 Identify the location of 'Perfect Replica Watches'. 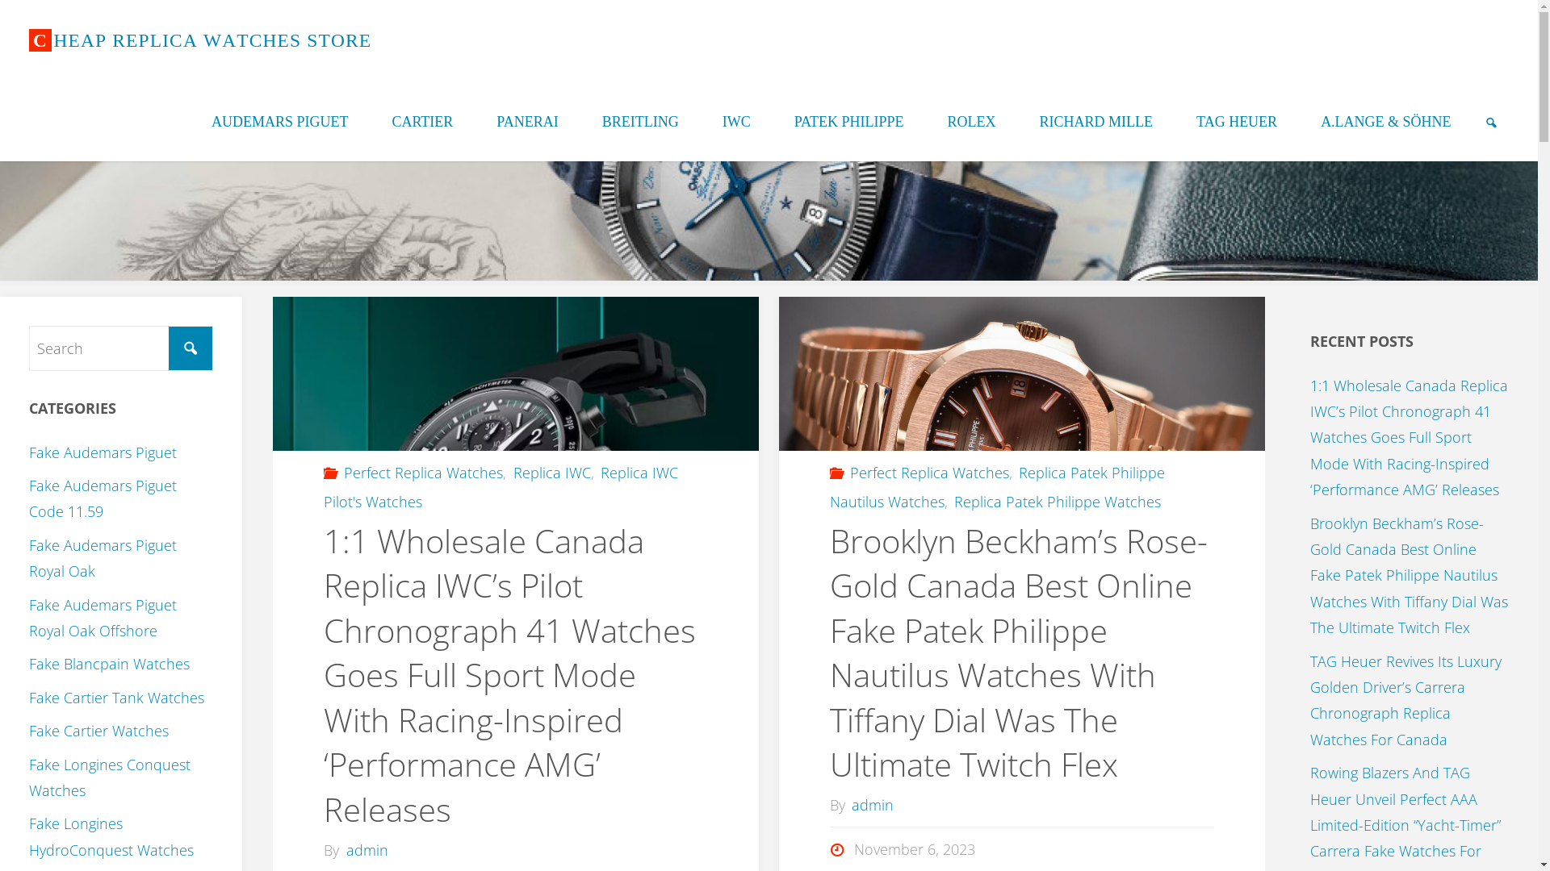
(846, 472).